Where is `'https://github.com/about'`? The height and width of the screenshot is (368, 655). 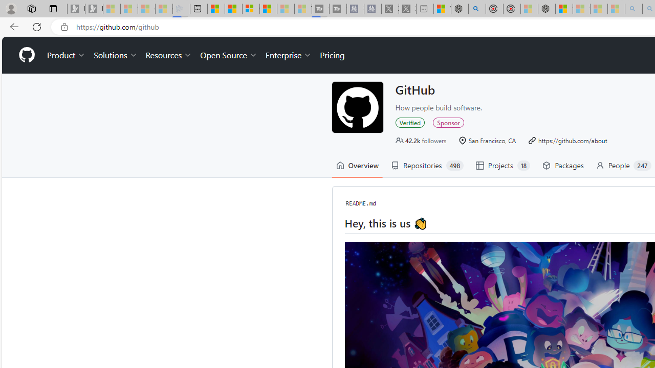
'https://github.com/about' is located at coordinates (572, 141).